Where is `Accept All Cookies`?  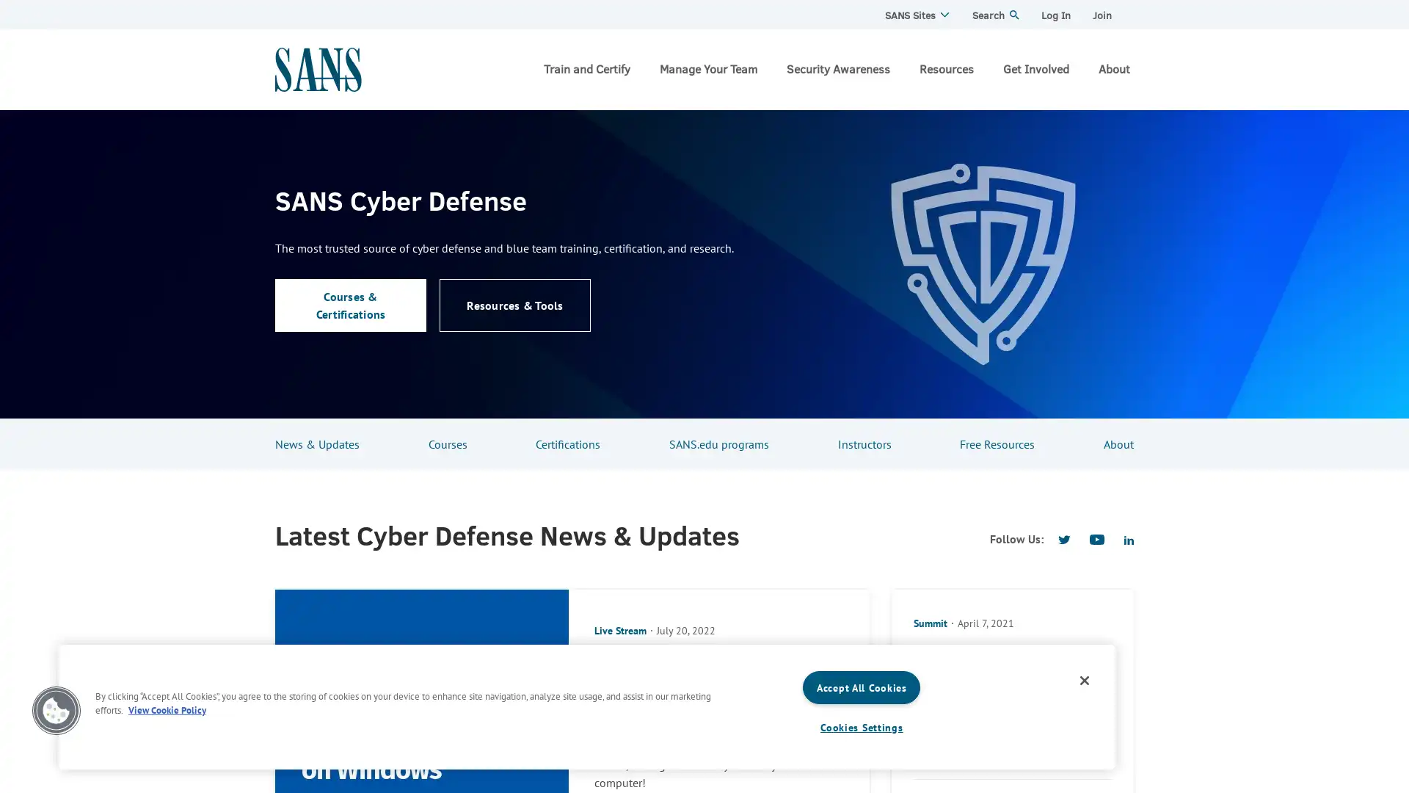
Accept All Cookies is located at coordinates (862, 687).